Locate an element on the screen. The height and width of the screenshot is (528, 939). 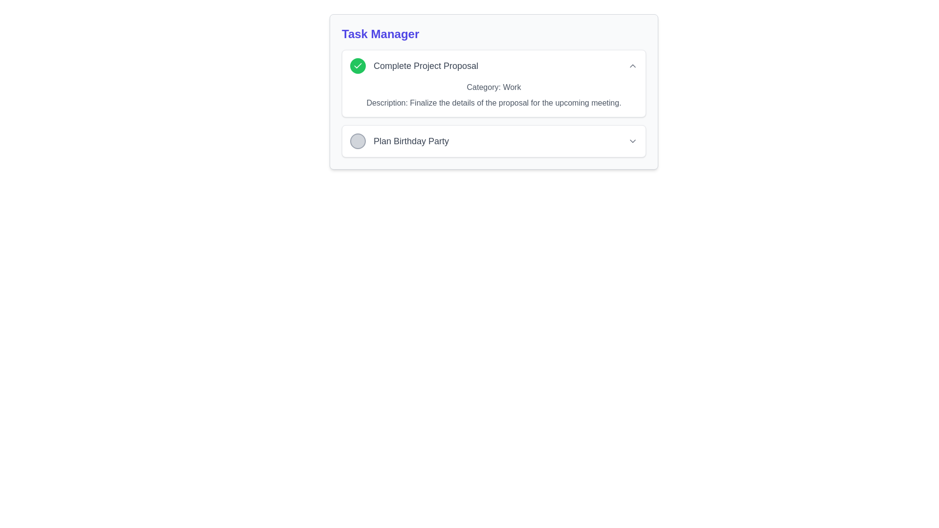
the checkbox next to the 'Plan Birthday Party' task in the Task Manager section is located at coordinates (399, 141).